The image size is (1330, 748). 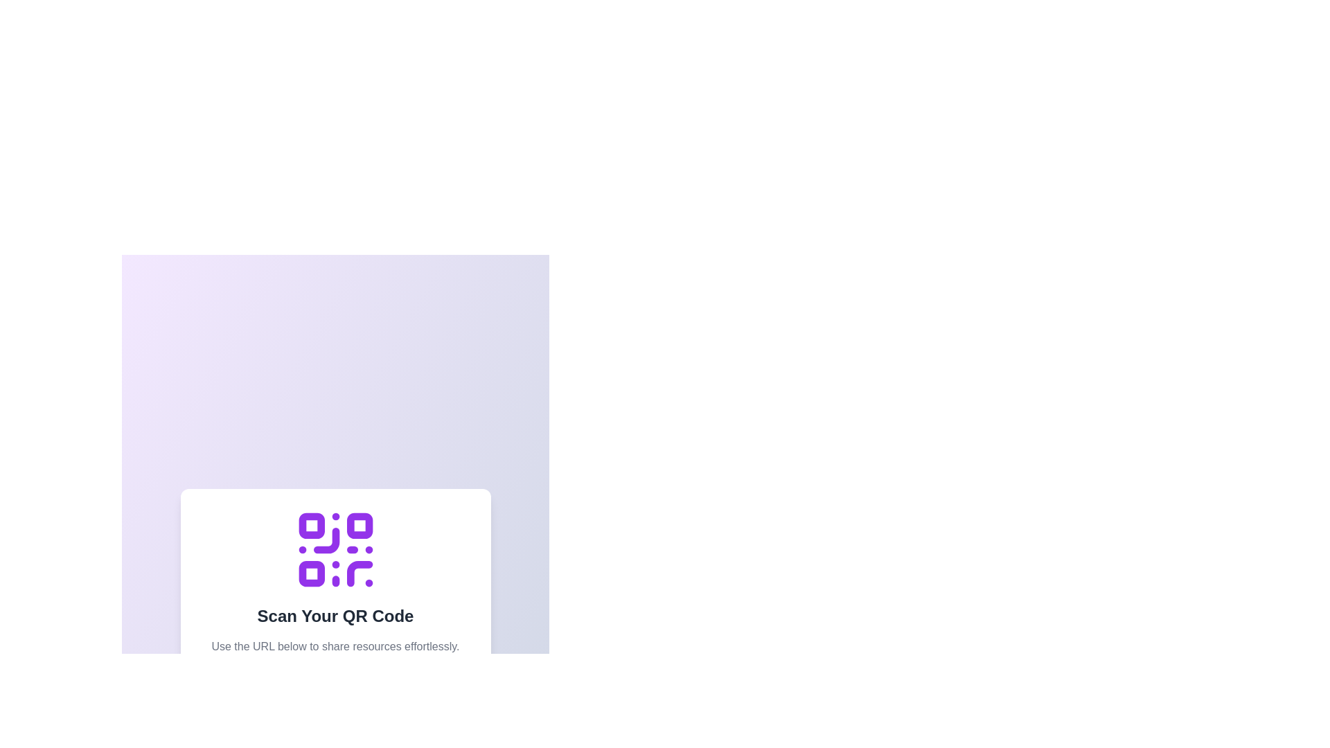 What do you see at coordinates (310, 573) in the screenshot?
I see `the third rectangular block in the bottom-left corner of the QR code, which is a decorative graphical square element` at bounding box center [310, 573].